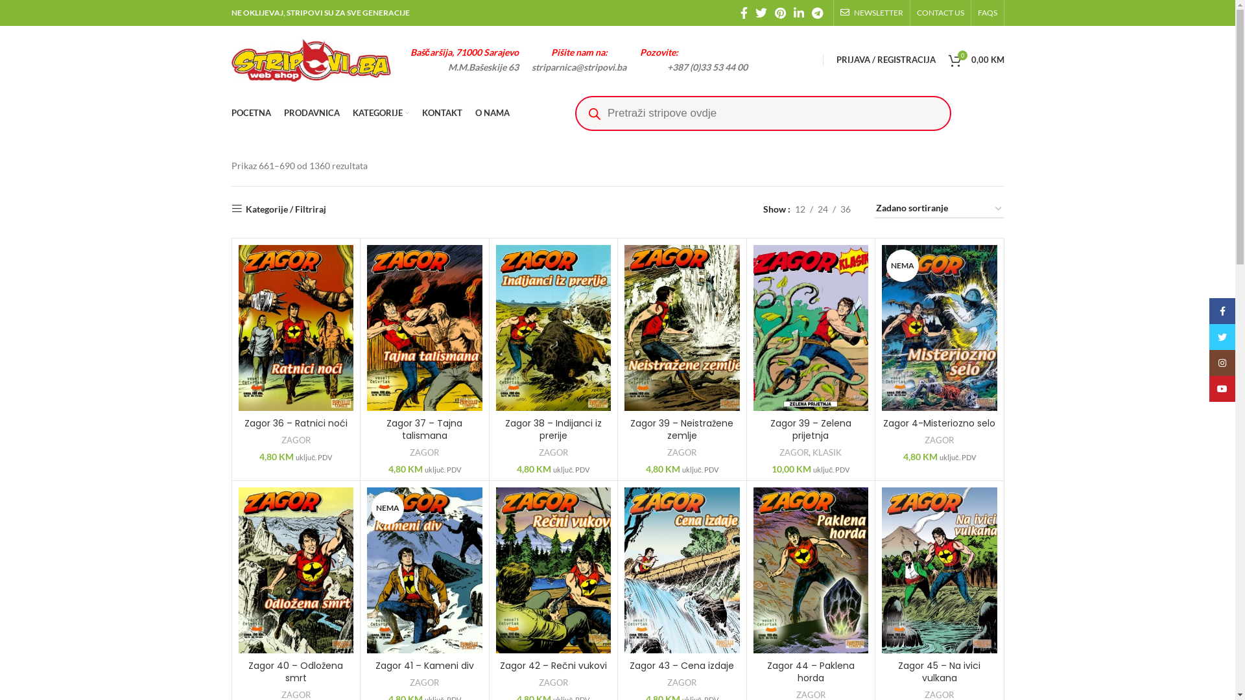  I want to click on 'NEWSLETTER', so click(871, 12).